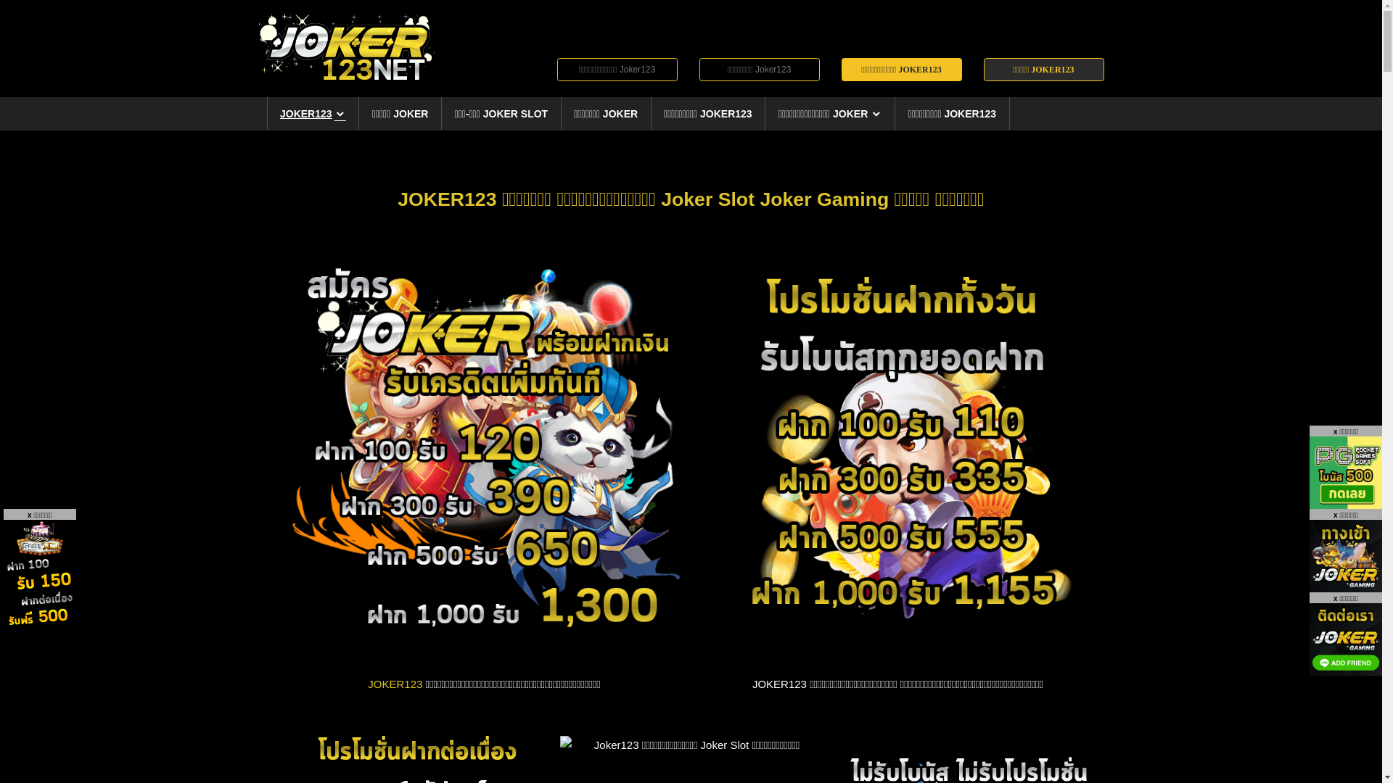 The image size is (1393, 783). What do you see at coordinates (395, 684) in the screenshot?
I see `'JOKER123'` at bounding box center [395, 684].